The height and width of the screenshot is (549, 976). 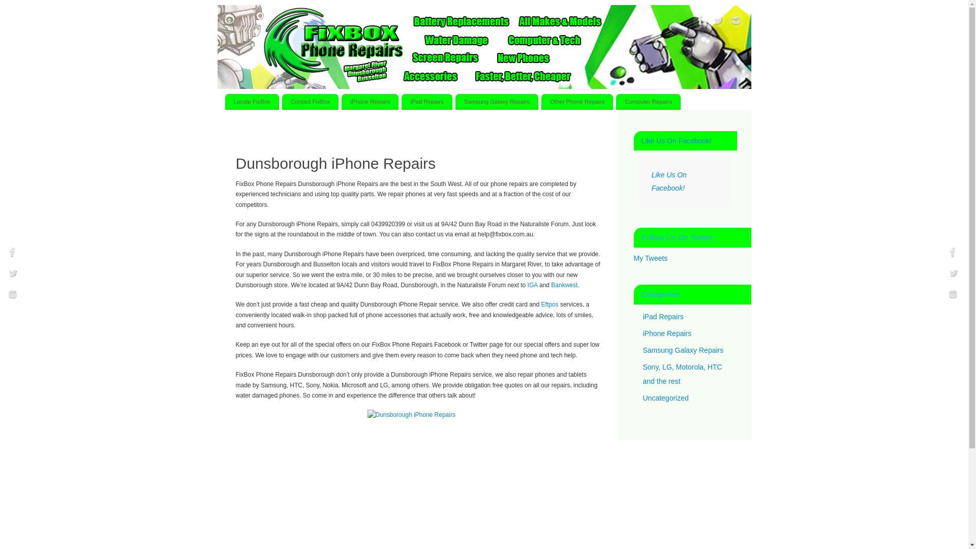 What do you see at coordinates (710, 21) in the screenshot?
I see `'Twitter'` at bounding box center [710, 21].